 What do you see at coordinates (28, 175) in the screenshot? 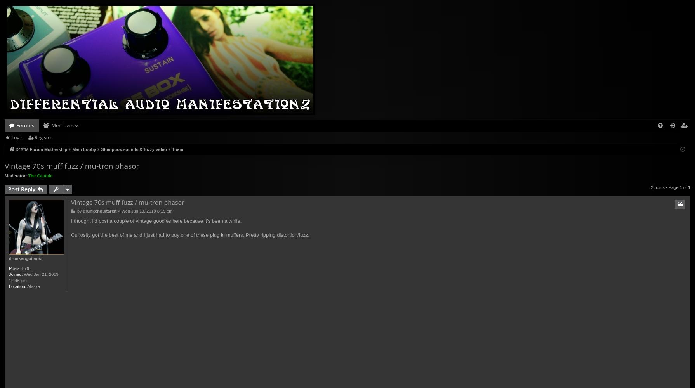
I see `'The Captain'` at bounding box center [28, 175].